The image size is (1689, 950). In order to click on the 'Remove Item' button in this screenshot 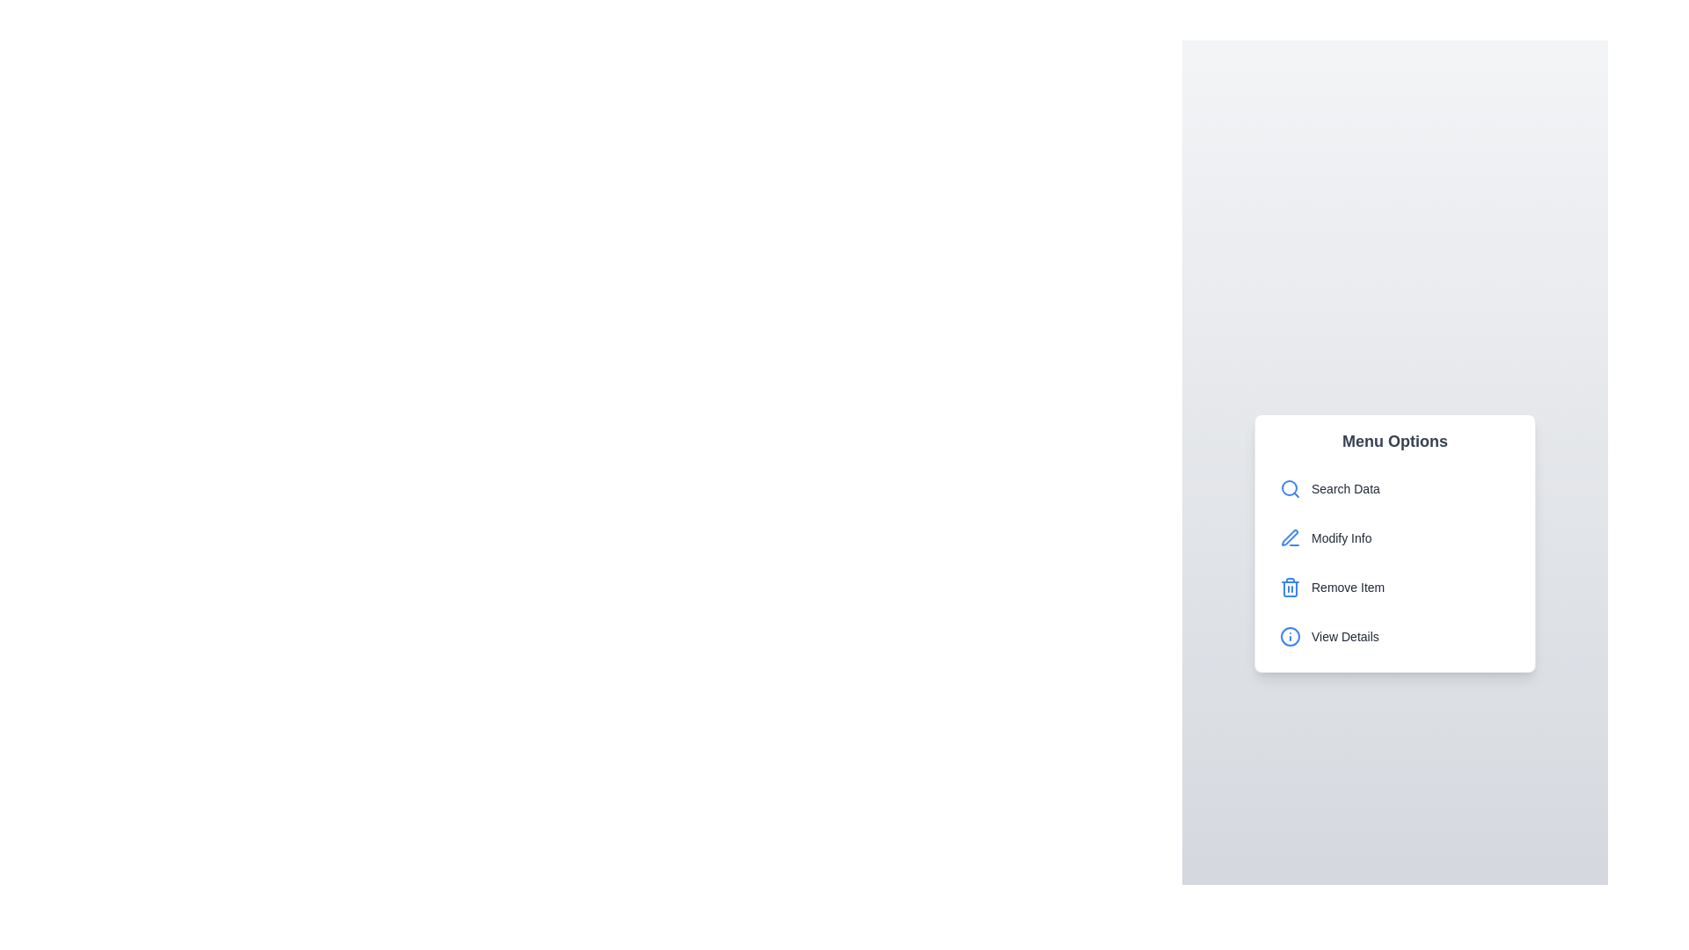, I will do `click(1393, 587)`.